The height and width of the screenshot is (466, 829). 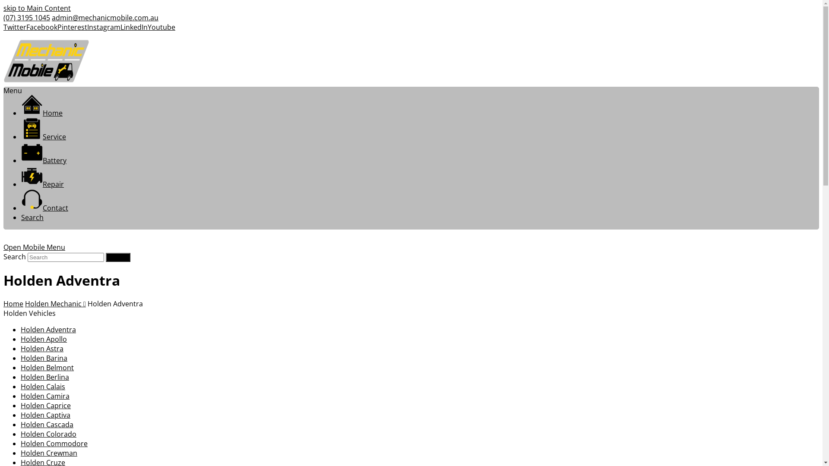 I want to click on 'Holden Camira', so click(x=44, y=396).